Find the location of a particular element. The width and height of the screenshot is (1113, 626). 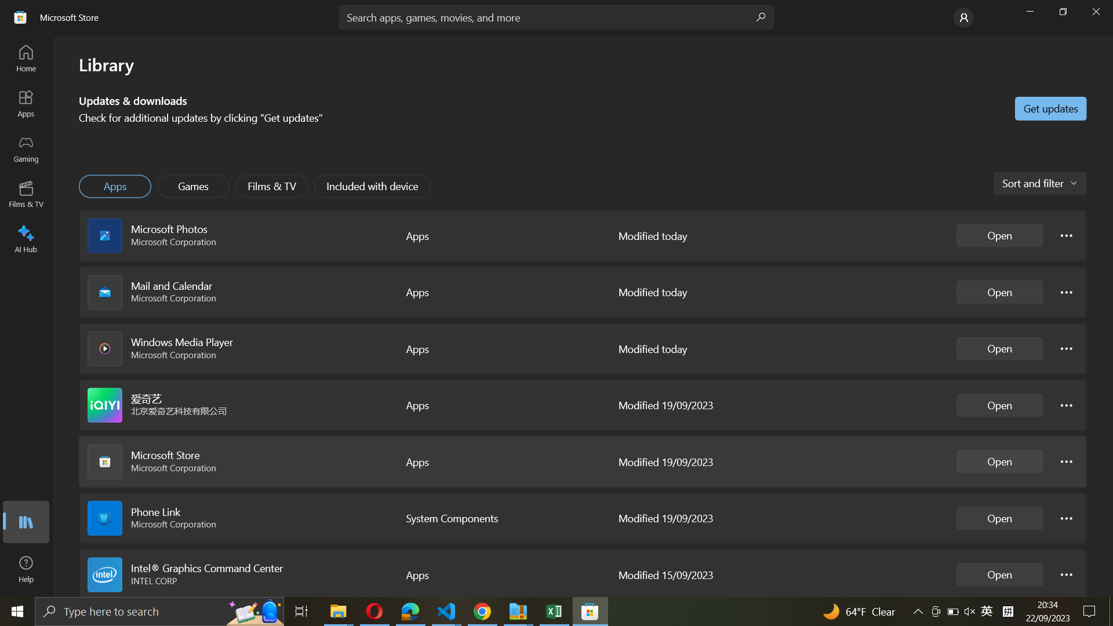

Activate Windows media player is located at coordinates (999, 347).